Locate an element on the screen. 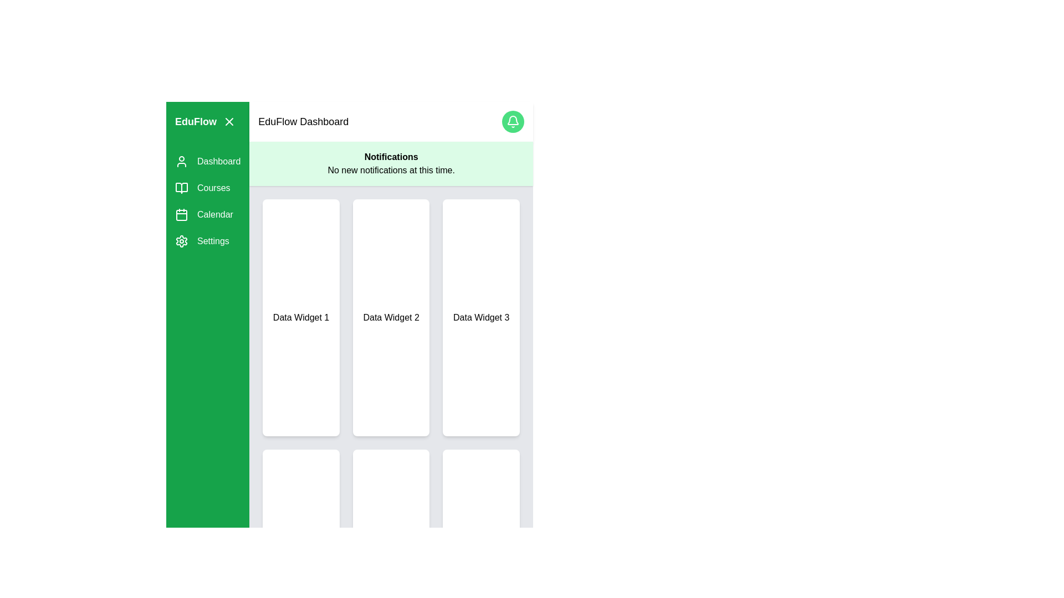 This screenshot has width=1064, height=598. the navigation button for the 'Settings' page located in the sidebar menu, which is the fourth item below 'Calendar', to trigger a visual effect is located at coordinates (208, 240).